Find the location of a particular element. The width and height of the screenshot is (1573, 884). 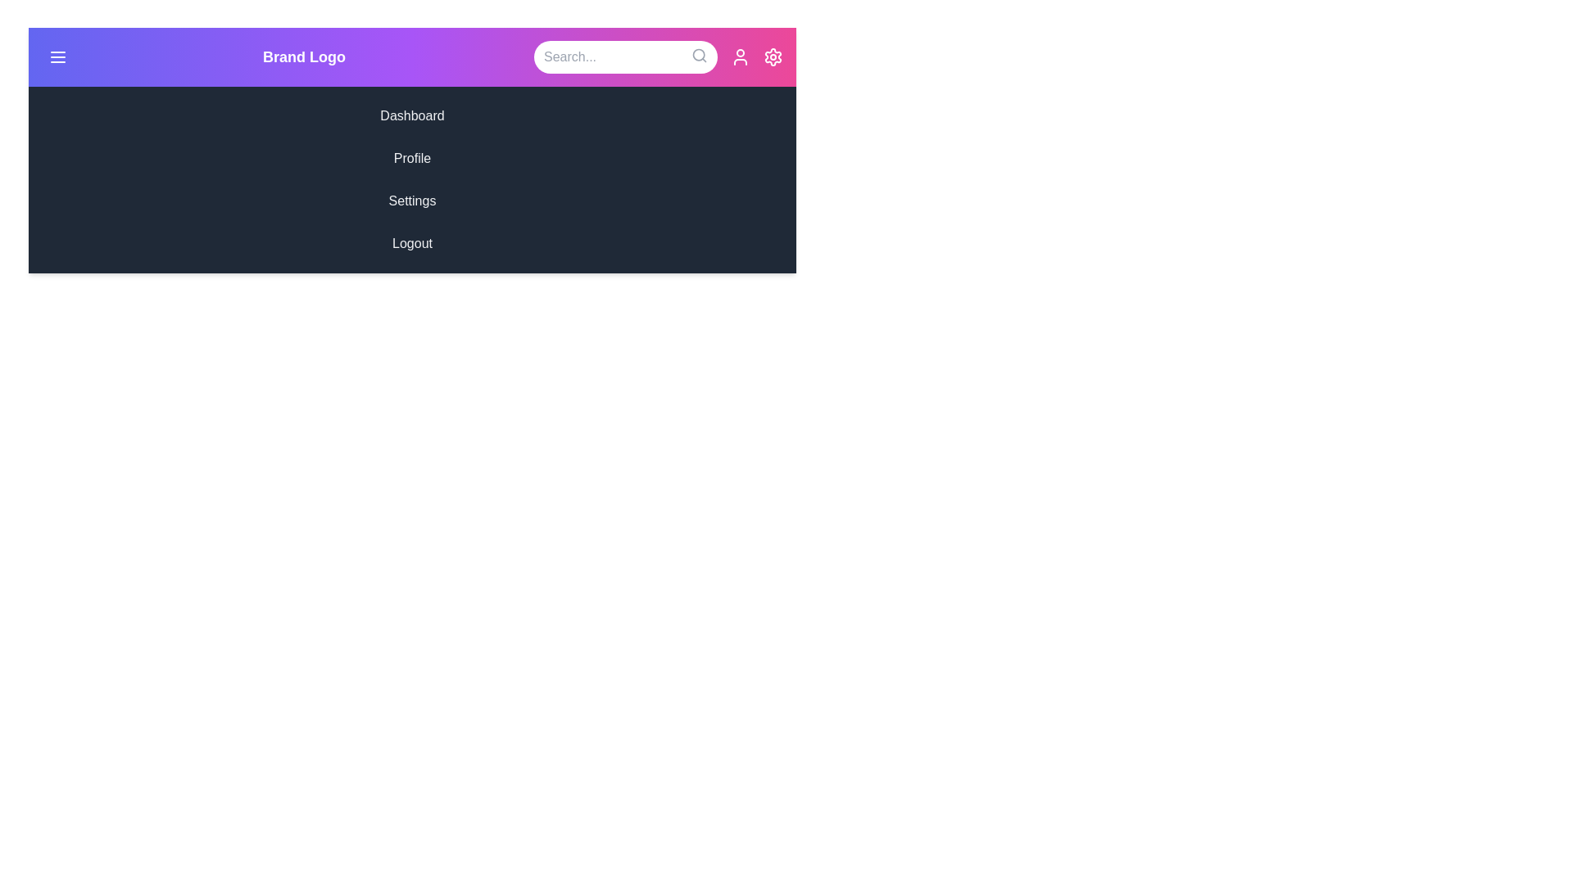

the user icon is located at coordinates (739, 56).